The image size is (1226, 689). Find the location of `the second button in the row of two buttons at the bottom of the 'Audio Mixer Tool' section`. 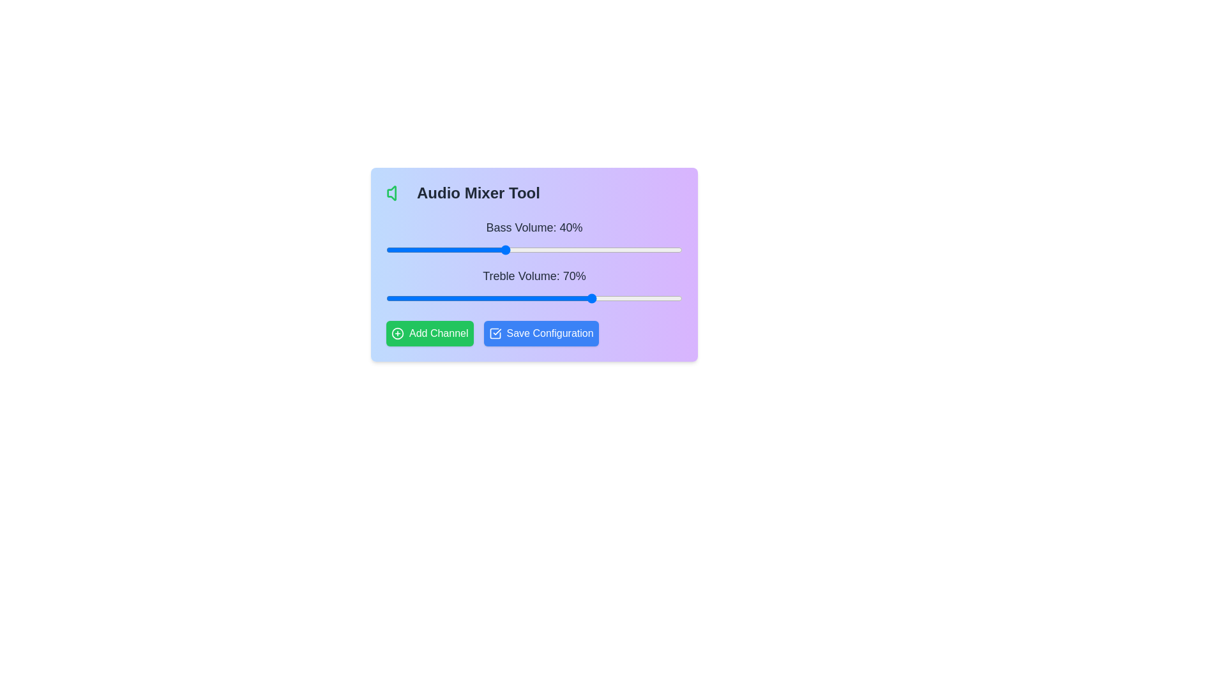

the second button in the row of two buttons at the bottom of the 'Audio Mixer Tool' section is located at coordinates (541, 333).